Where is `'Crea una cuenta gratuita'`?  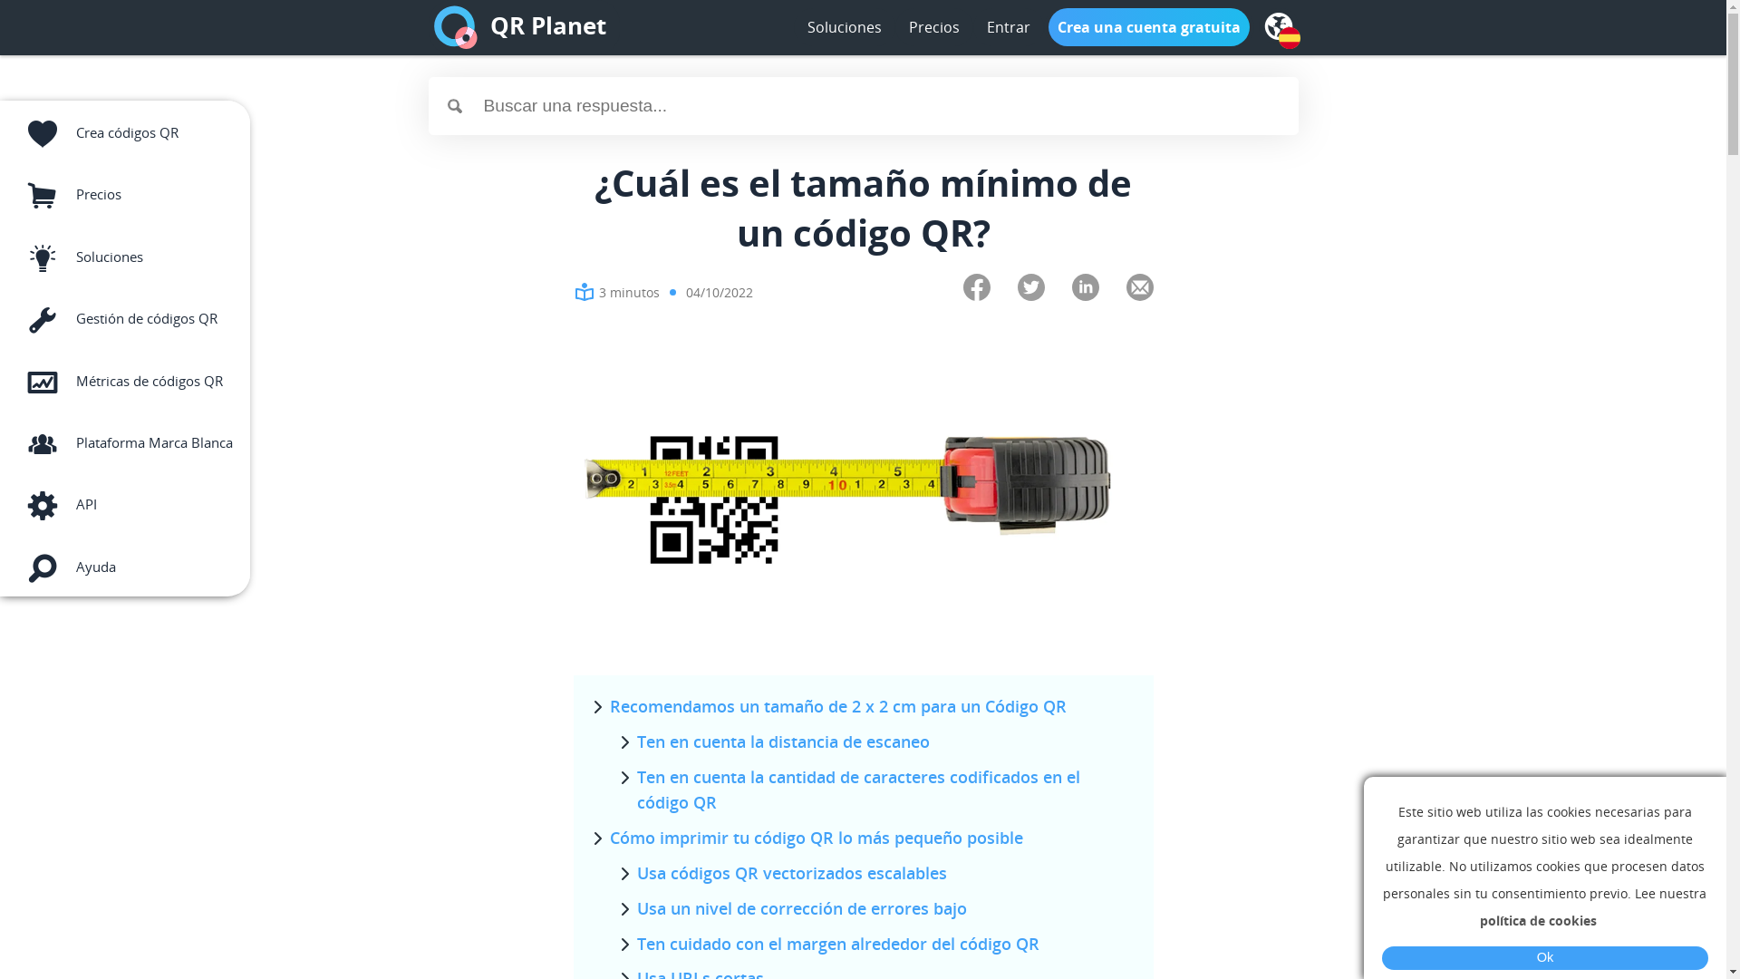
'Crea una cuenta gratuita' is located at coordinates (1147, 27).